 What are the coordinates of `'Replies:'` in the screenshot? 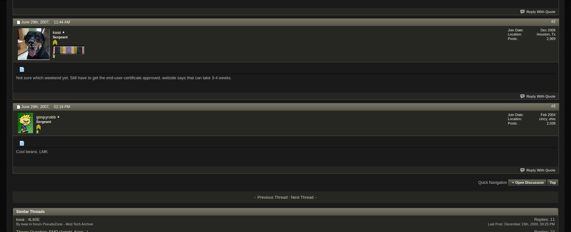 It's located at (534, 219).